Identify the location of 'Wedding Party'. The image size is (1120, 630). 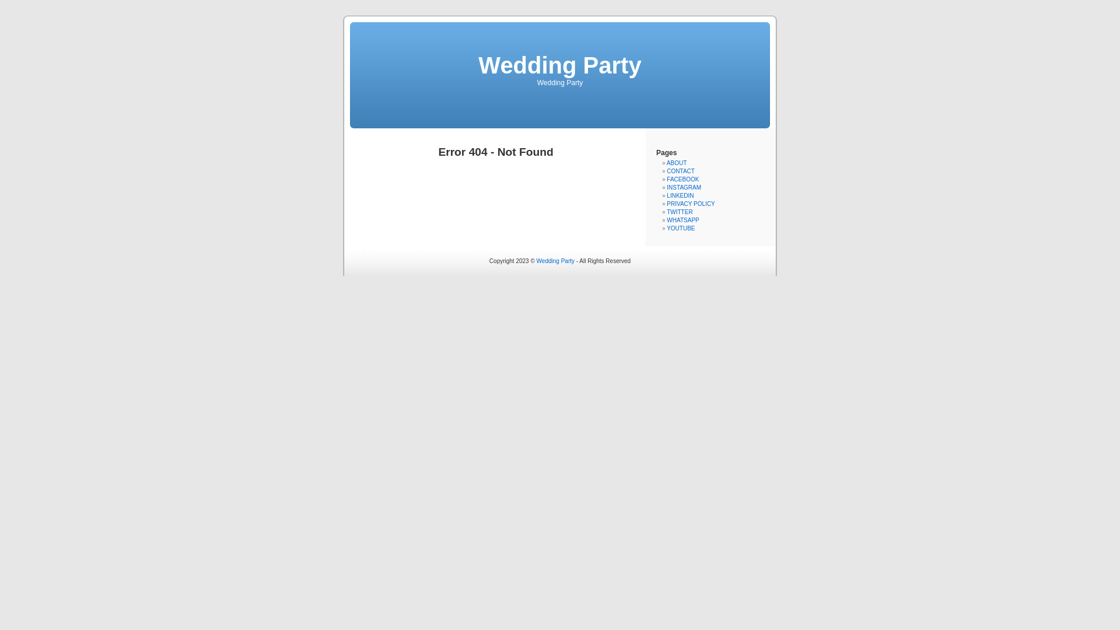
(559, 65).